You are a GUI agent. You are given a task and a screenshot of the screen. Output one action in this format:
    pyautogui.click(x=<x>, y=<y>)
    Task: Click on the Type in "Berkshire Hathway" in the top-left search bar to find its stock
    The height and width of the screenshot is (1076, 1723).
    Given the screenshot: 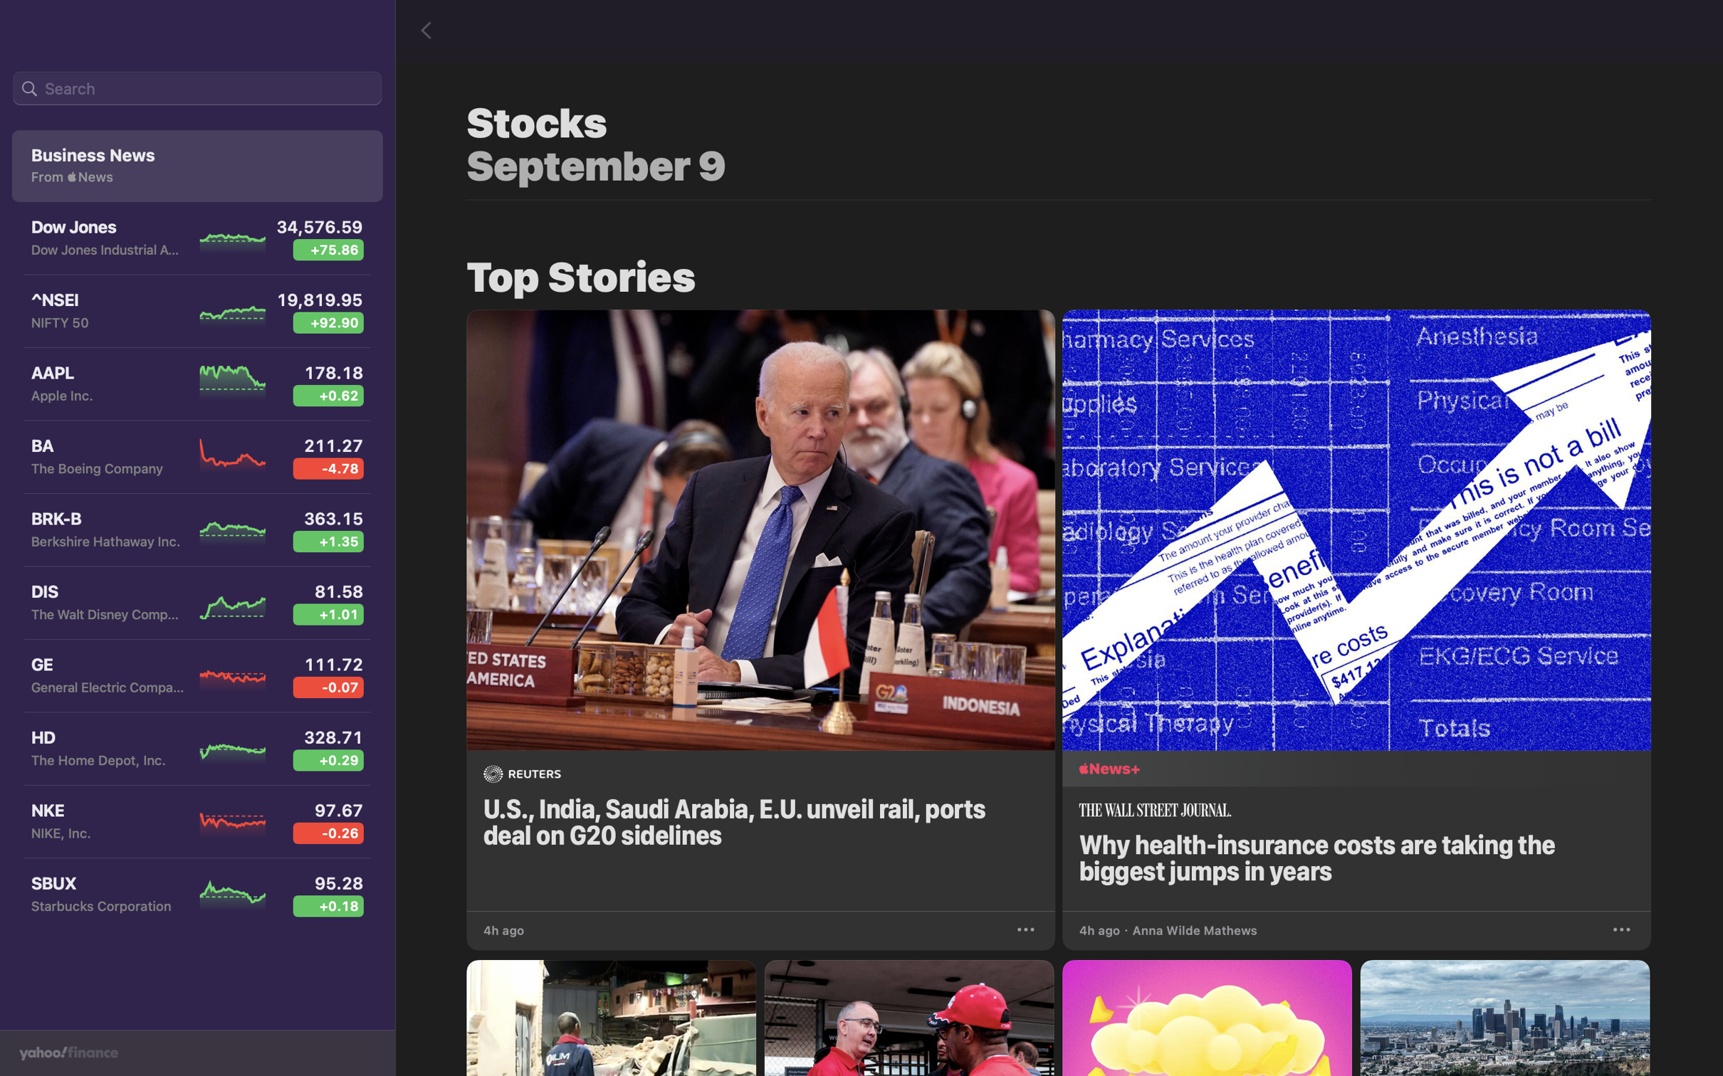 What is the action you would take?
    pyautogui.click(x=197, y=89)
    